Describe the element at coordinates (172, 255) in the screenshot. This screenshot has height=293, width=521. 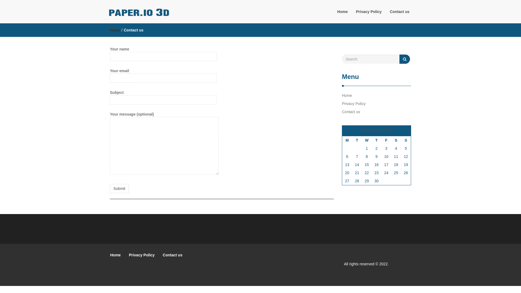
I see `'Contact us'` at that location.